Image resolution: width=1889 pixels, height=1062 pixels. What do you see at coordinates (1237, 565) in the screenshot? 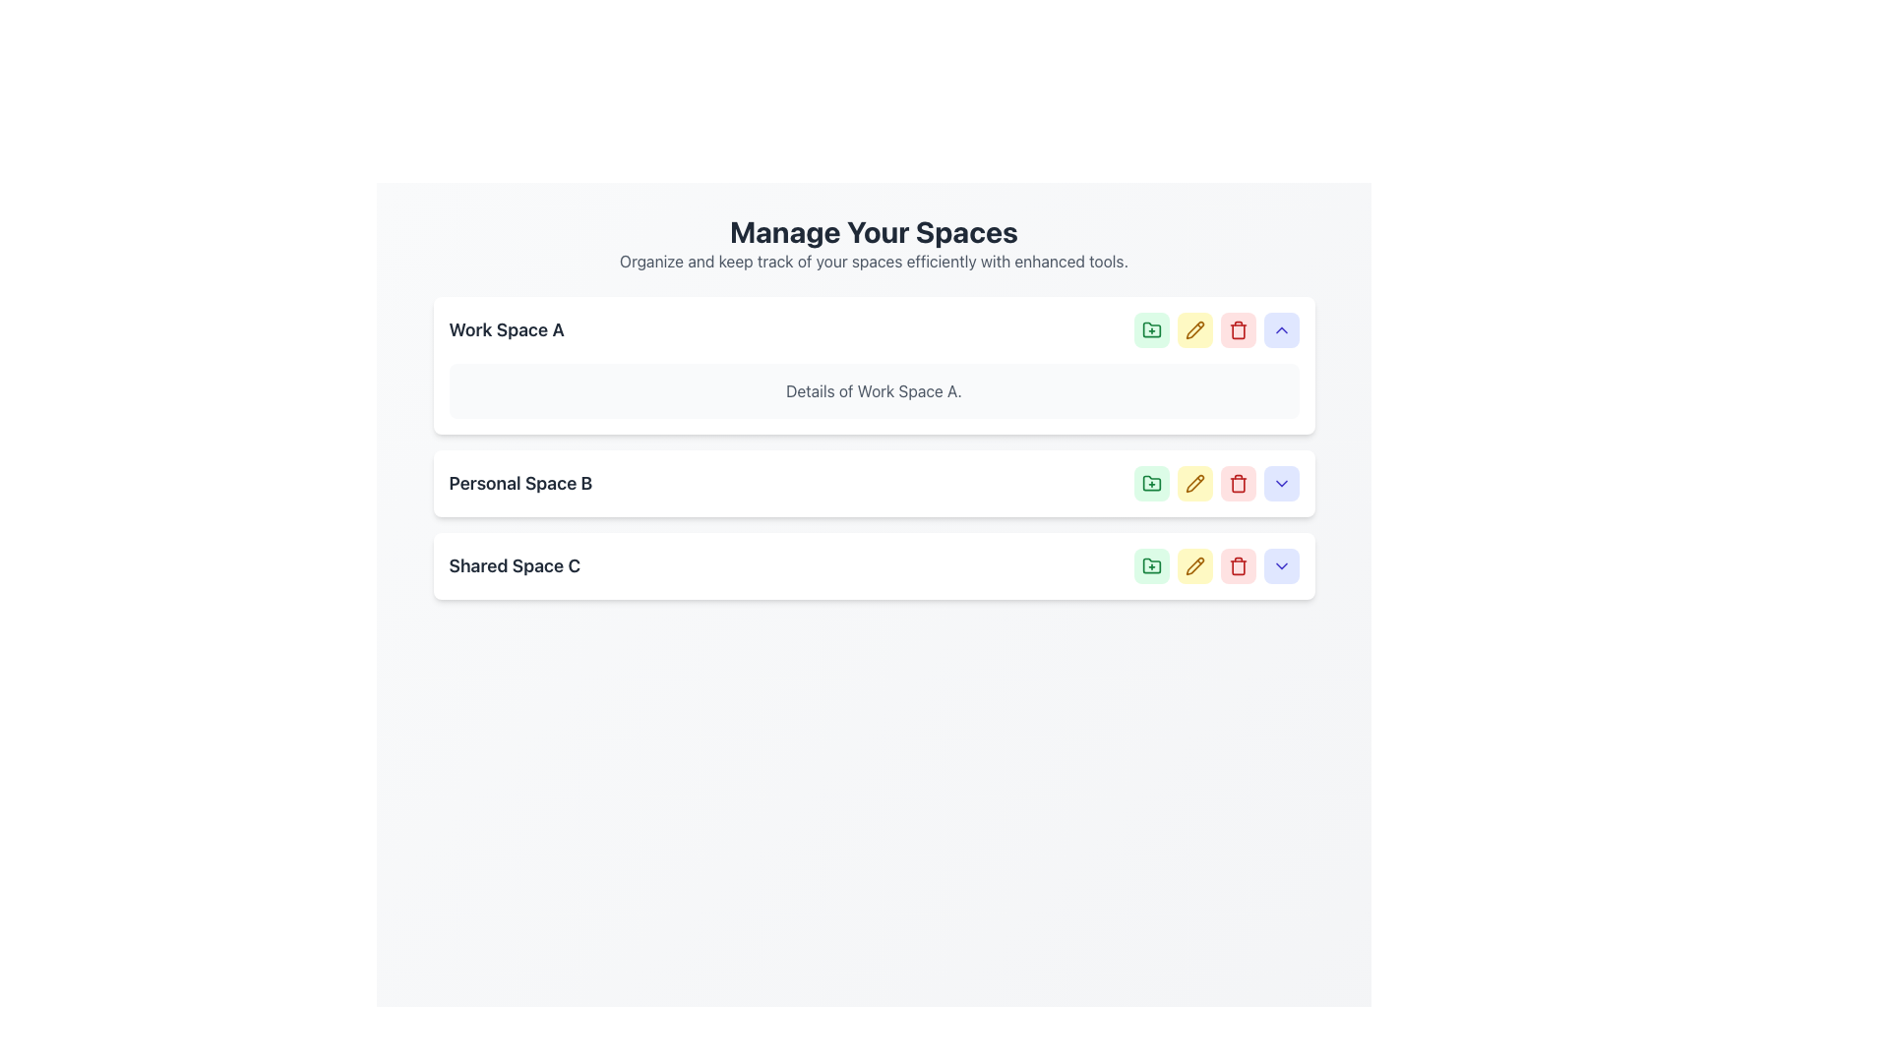
I see `the trash bin icon located in the 'Manage Your Spaces' interface adjacent to the 'Work Space A' card` at bounding box center [1237, 565].